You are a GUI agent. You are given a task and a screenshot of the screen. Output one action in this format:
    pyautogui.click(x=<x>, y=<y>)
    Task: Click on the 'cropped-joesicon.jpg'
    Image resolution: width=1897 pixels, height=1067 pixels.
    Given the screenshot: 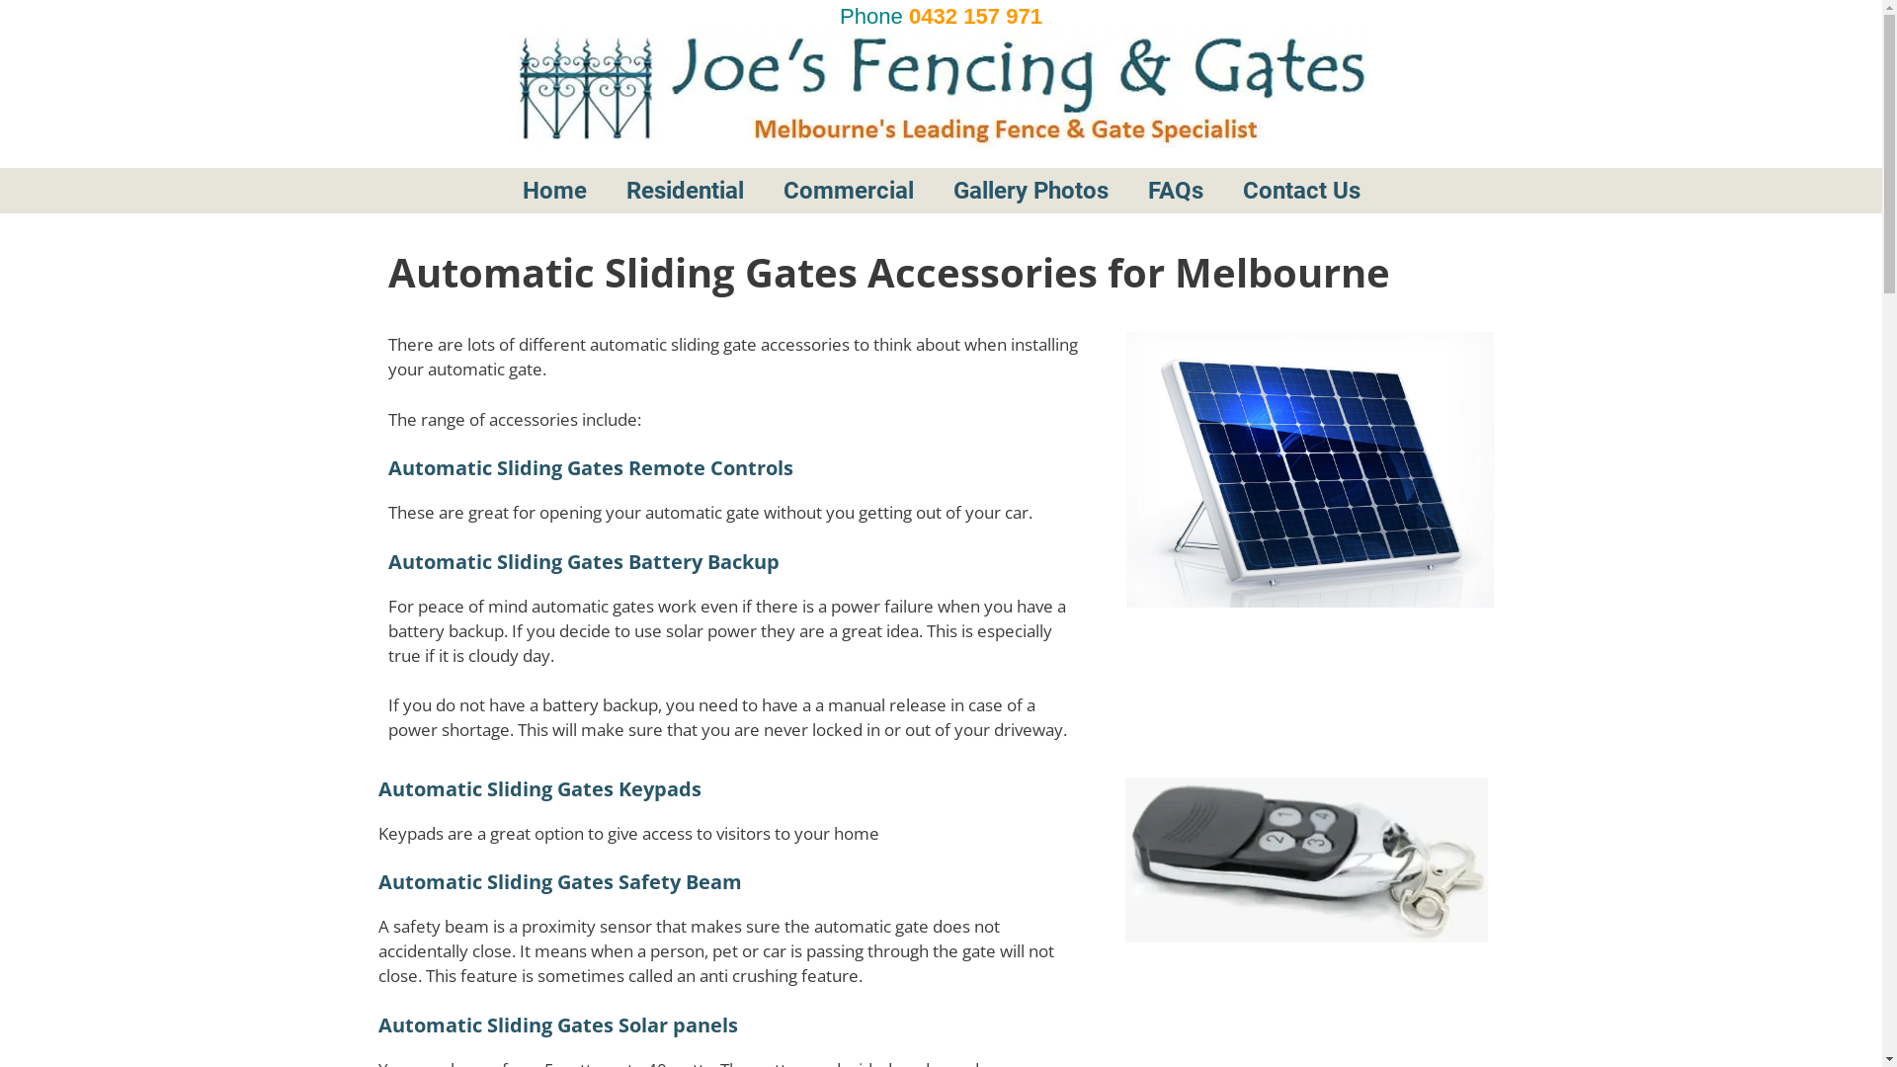 What is the action you would take?
    pyautogui.click(x=392, y=193)
    